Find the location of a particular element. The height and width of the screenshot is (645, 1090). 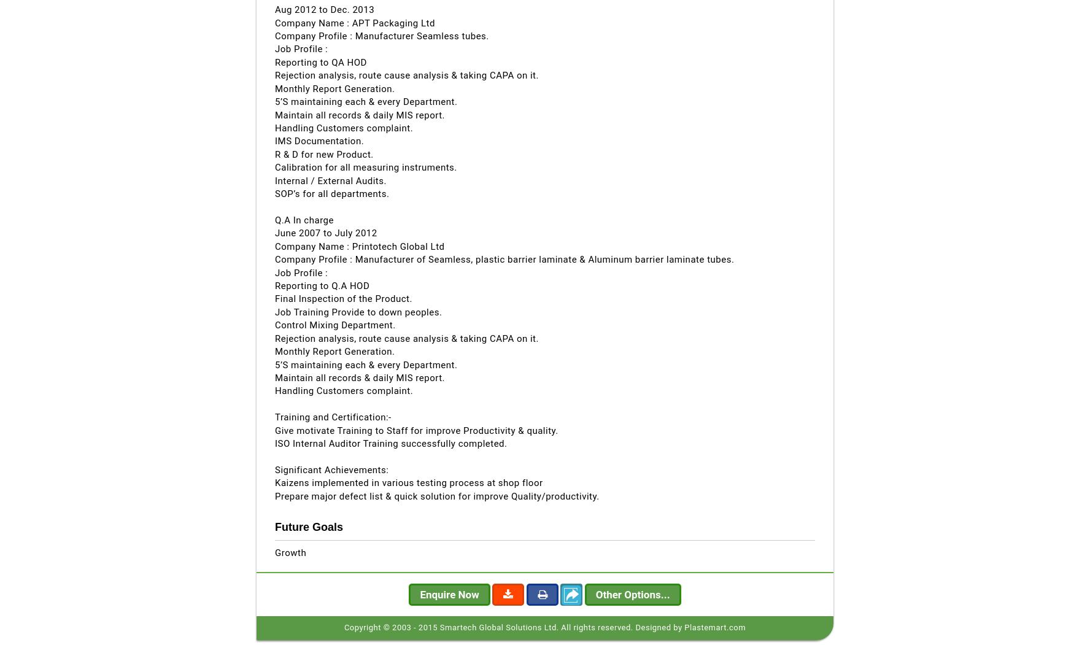

'Give motivate Training to Staff for improve Productivity & quality.' is located at coordinates (274, 430).